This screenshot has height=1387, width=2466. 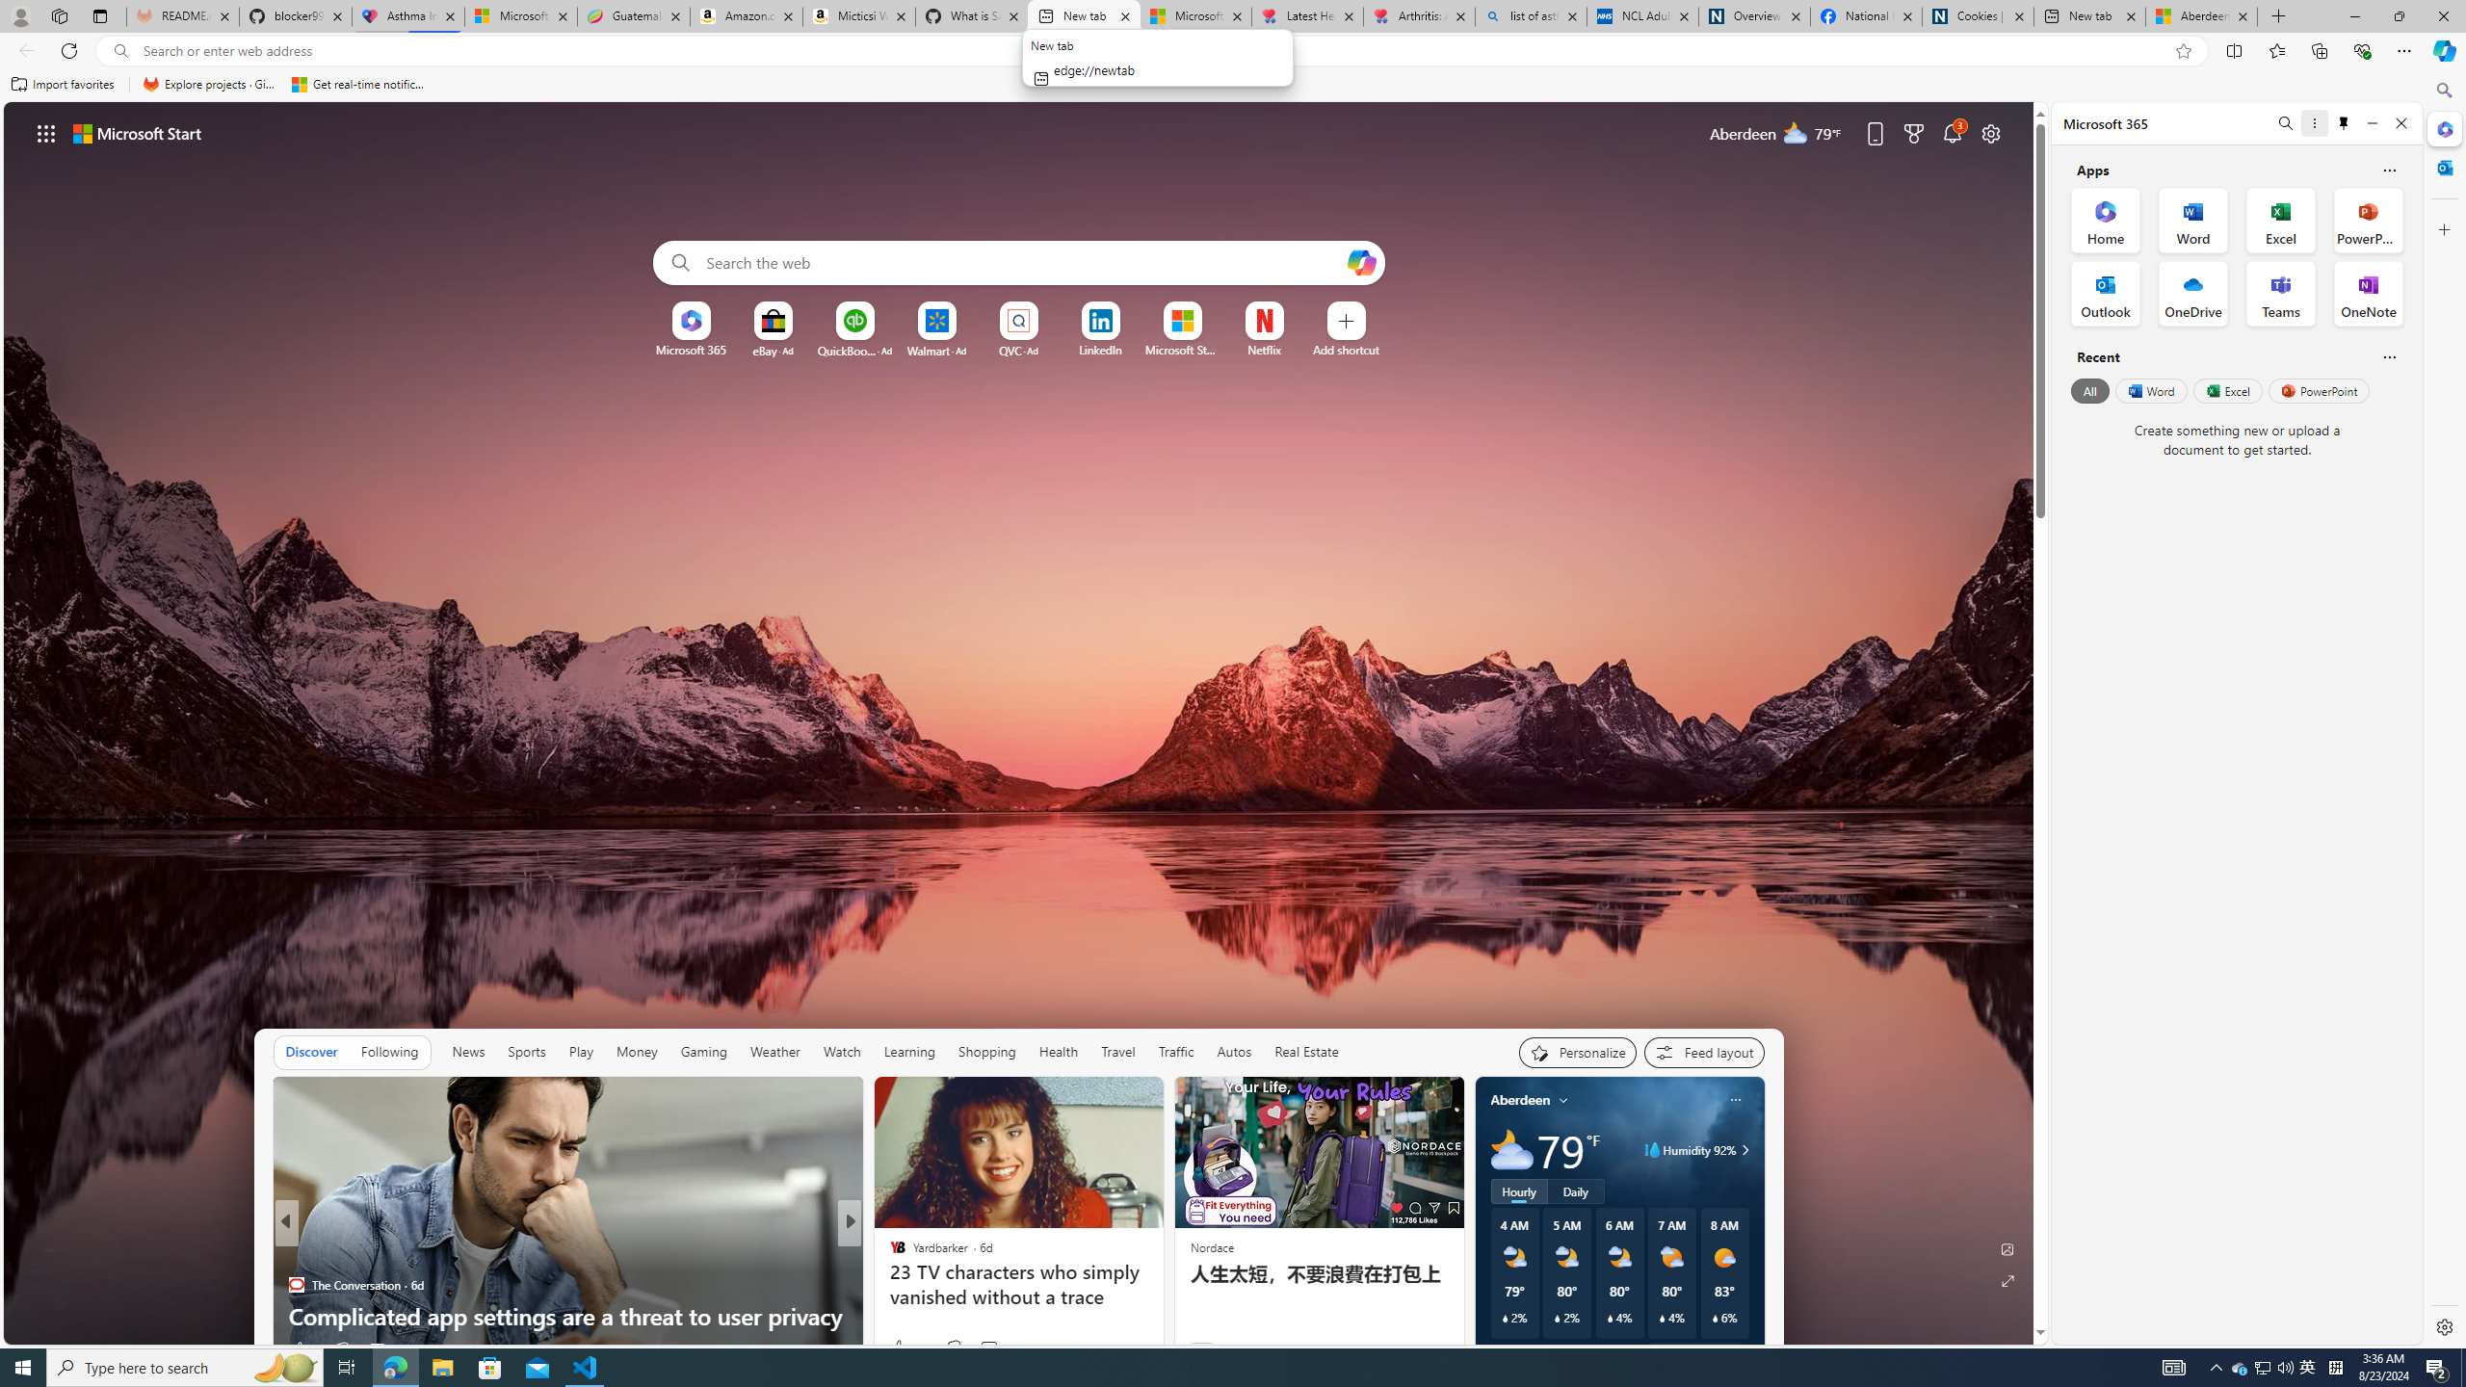 I want to click on 'View comments 7 Comment', so click(x=988, y=1349).